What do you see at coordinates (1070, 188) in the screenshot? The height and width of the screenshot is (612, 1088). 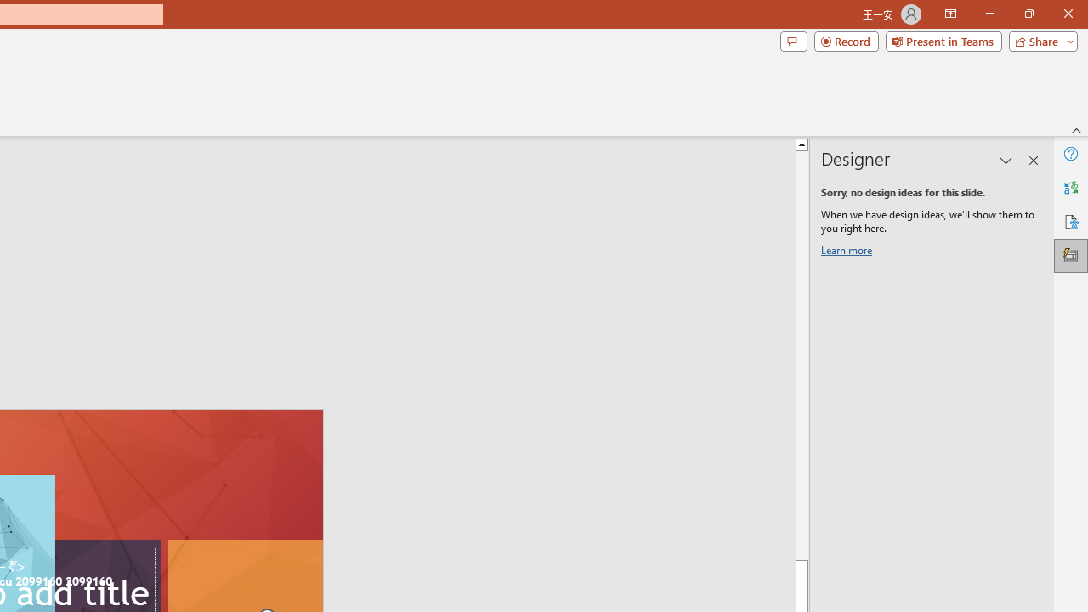 I see `'Translator'` at bounding box center [1070, 188].